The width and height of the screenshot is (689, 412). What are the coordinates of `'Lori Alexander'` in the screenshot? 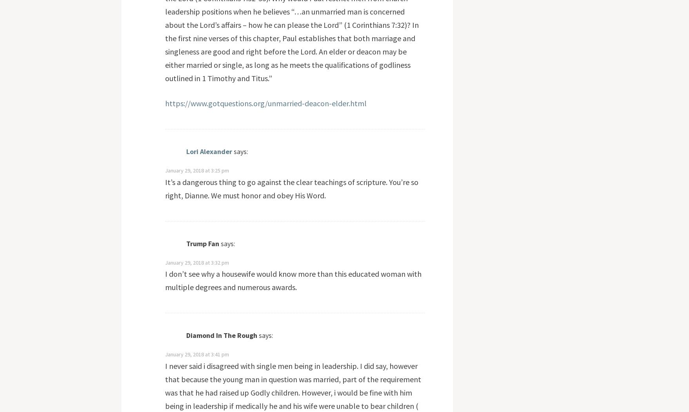 It's located at (209, 151).